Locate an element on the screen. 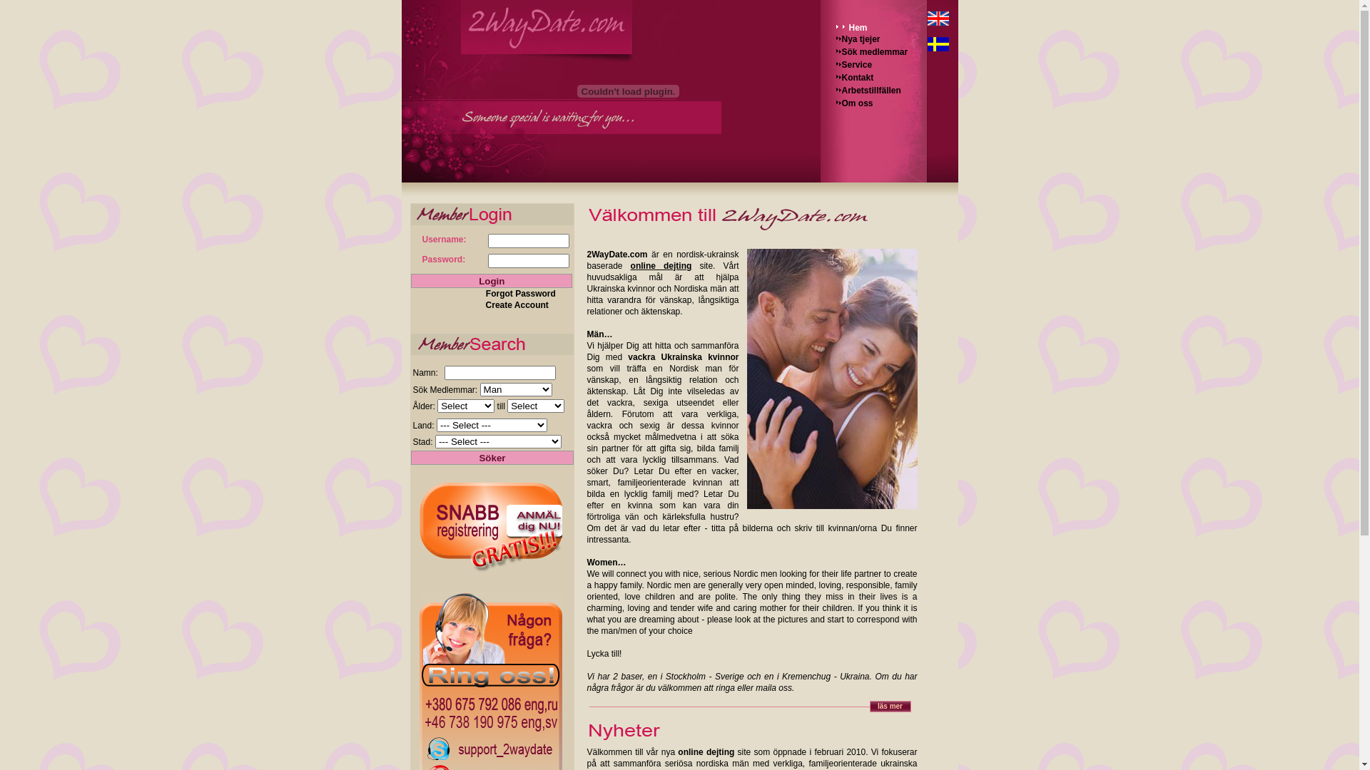 This screenshot has height=770, width=1370. 'Create Account          ' is located at coordinates (529, 304).